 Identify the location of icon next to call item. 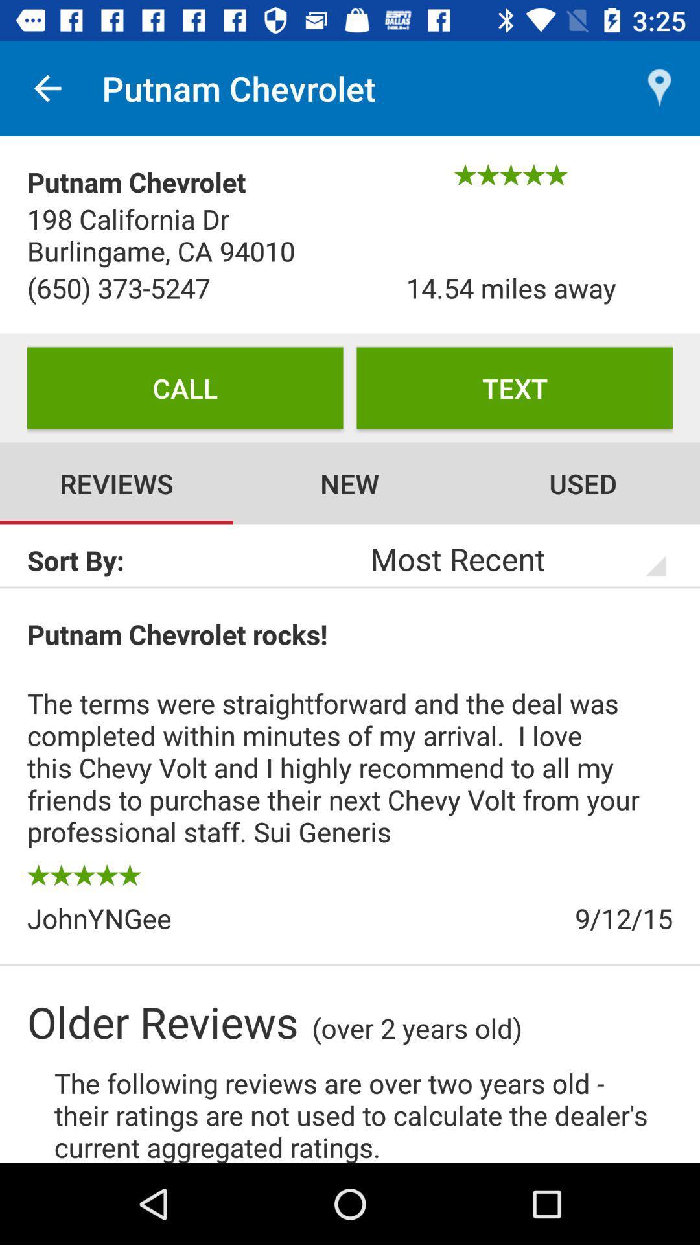
(514, 387).